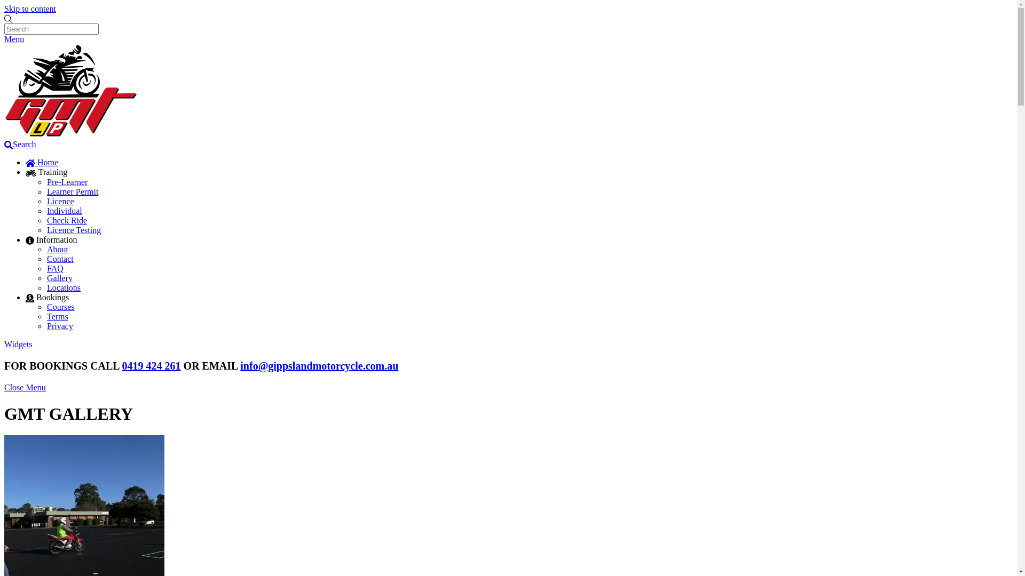  Describe the element at coordinates (57, 249) in the screenshot. I see `'About'` at that location.